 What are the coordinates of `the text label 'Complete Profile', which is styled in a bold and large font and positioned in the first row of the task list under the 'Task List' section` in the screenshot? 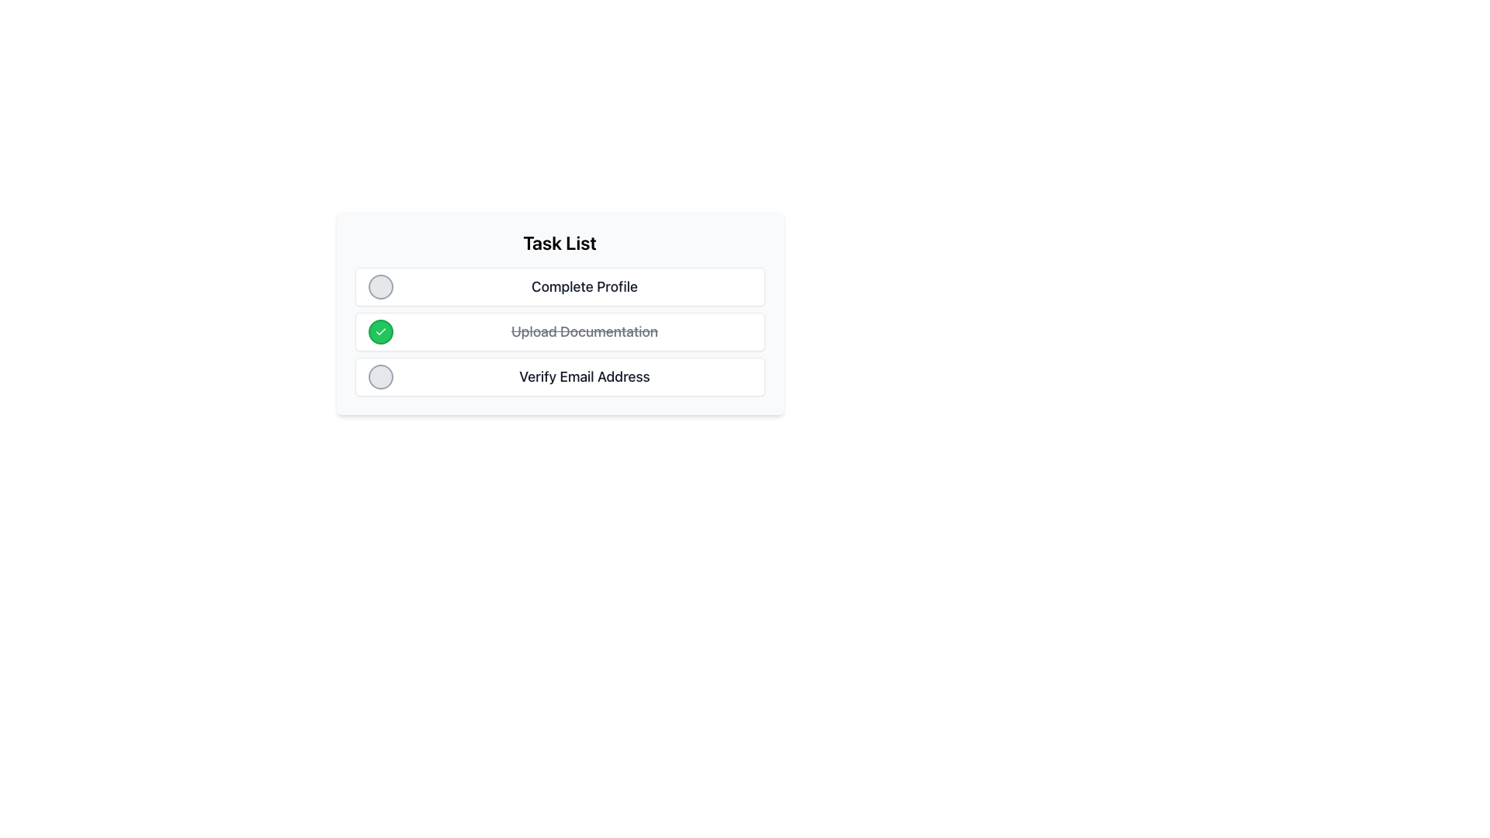 It's located at (584, 287).